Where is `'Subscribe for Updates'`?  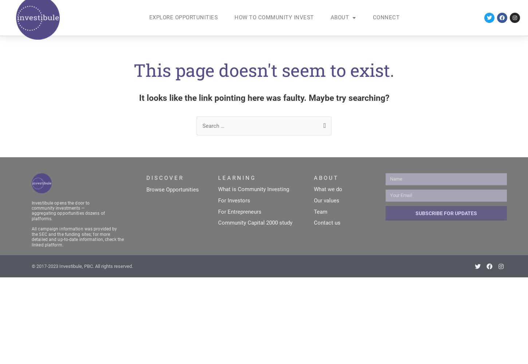 'Subscribe for Updates' is located at coordinates (446, 213).